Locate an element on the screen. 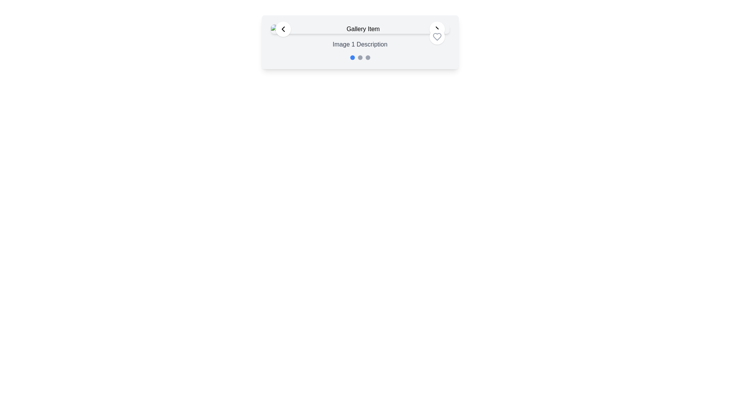 Image resolution: width=739 pixels, height=415 pixels. the first blue circular pagination indicator located below the 'Image 1 Description' text is located at coordinates (352, 57).